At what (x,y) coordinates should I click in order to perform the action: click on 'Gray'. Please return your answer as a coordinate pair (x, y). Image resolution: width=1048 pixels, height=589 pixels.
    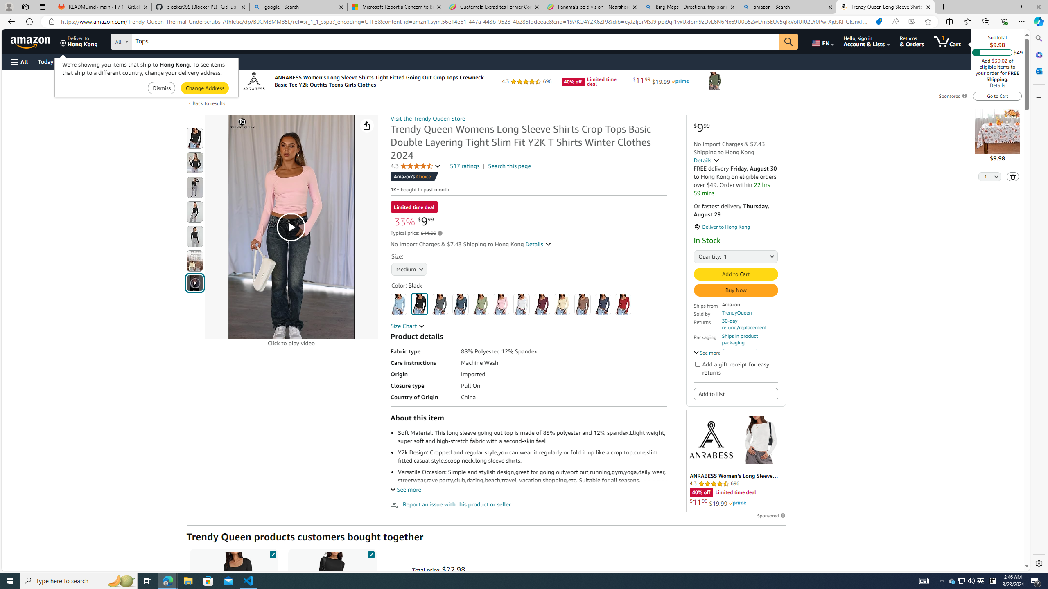
    Looking at the image, I should click on (440, 303).